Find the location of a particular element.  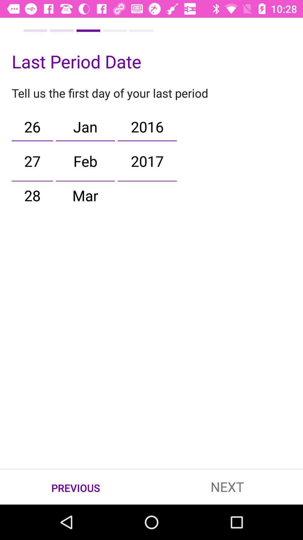

item at the bottom right corner is located at coordinates (227, 487).